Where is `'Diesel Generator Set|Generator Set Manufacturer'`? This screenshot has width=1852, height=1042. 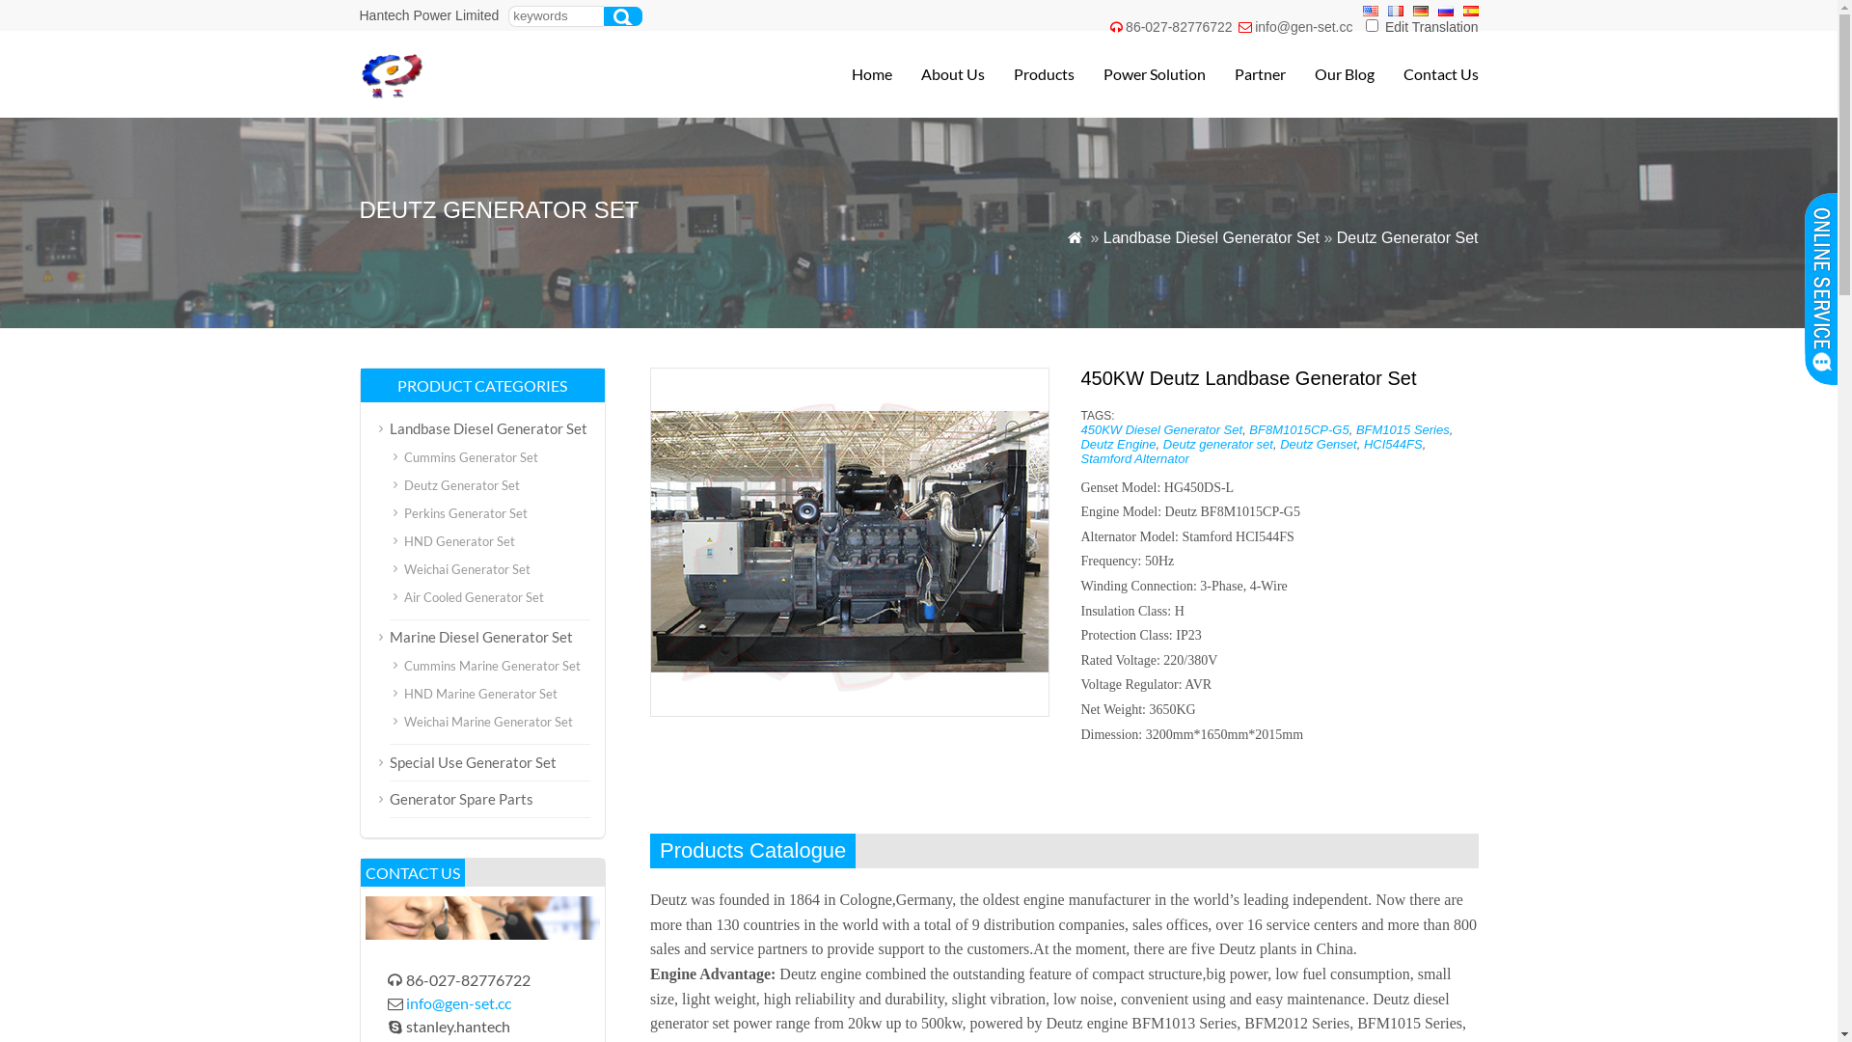
'Diesel Generator Set|Generator Set Manufacturer' is located at coordinates (359, 94).